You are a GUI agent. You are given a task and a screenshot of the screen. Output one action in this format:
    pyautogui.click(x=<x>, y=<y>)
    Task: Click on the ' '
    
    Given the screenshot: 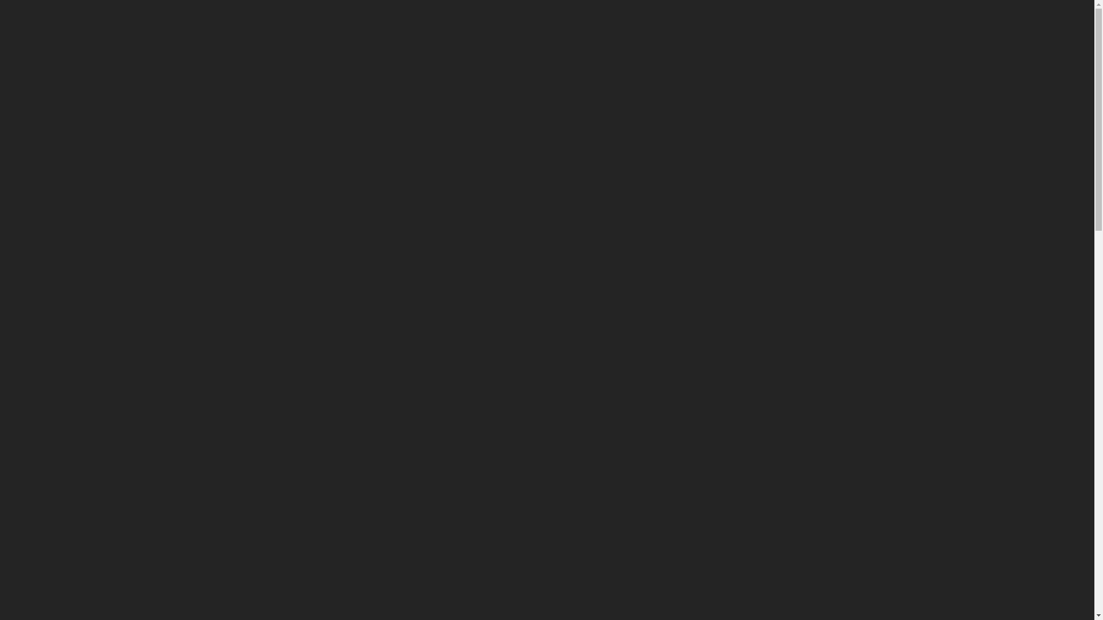 What is the action you would take?
    pyautogui.click(x=1072, y=199)
    